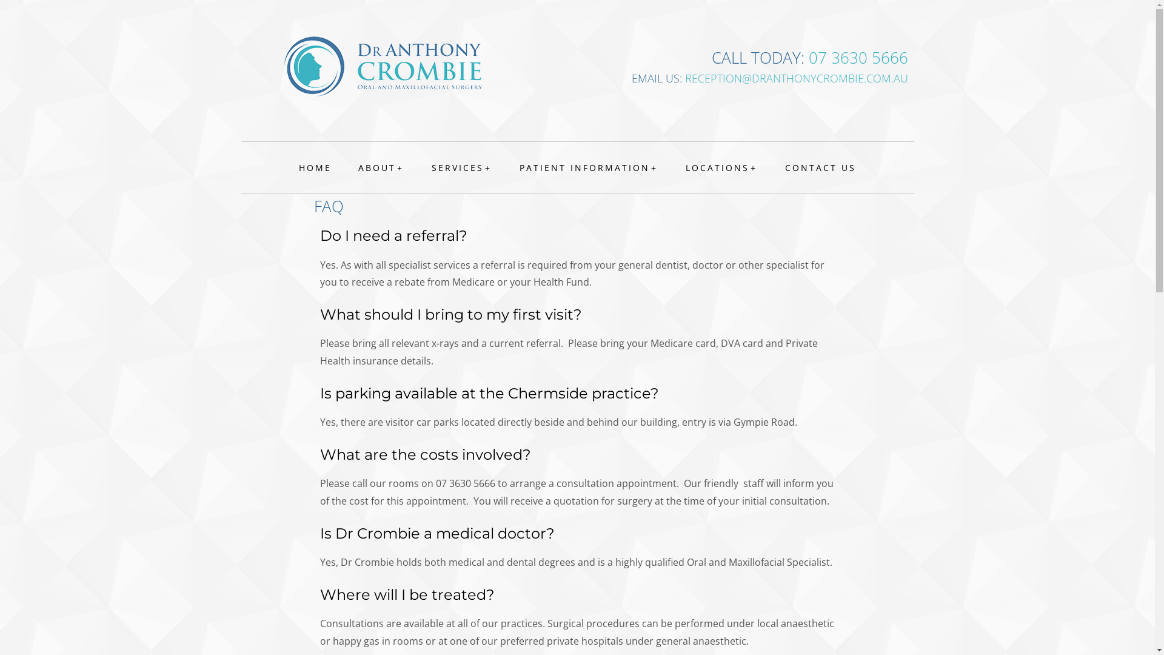  What do you see at coordinates (820, 167) in the screenshot?
I see `'CONTACT US'` at bounding box center [820, 167].